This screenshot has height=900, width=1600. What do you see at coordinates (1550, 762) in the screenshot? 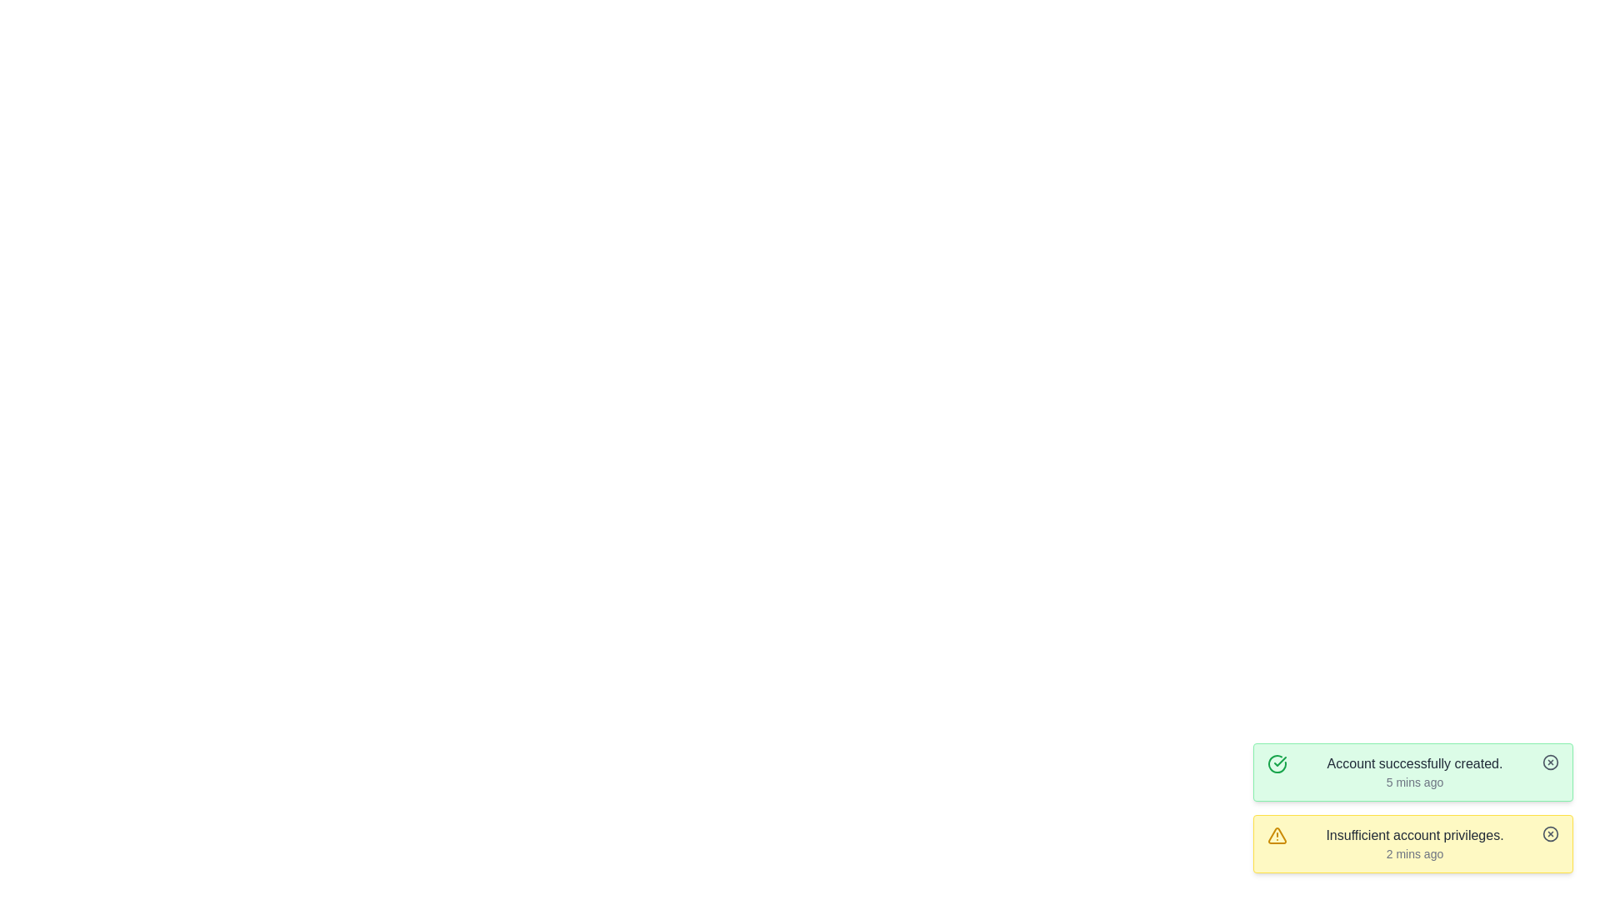
I see `the close button located in the upper-right corner of the green notification box that contains the text 'Account successfully created.' and '5 mins ago' to trigger a tooltip or visual effect` at bounding box center [1550, 762].